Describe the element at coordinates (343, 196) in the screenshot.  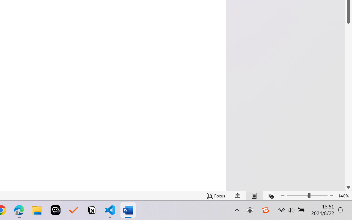
I see `'Zoom 140%'` at that location.